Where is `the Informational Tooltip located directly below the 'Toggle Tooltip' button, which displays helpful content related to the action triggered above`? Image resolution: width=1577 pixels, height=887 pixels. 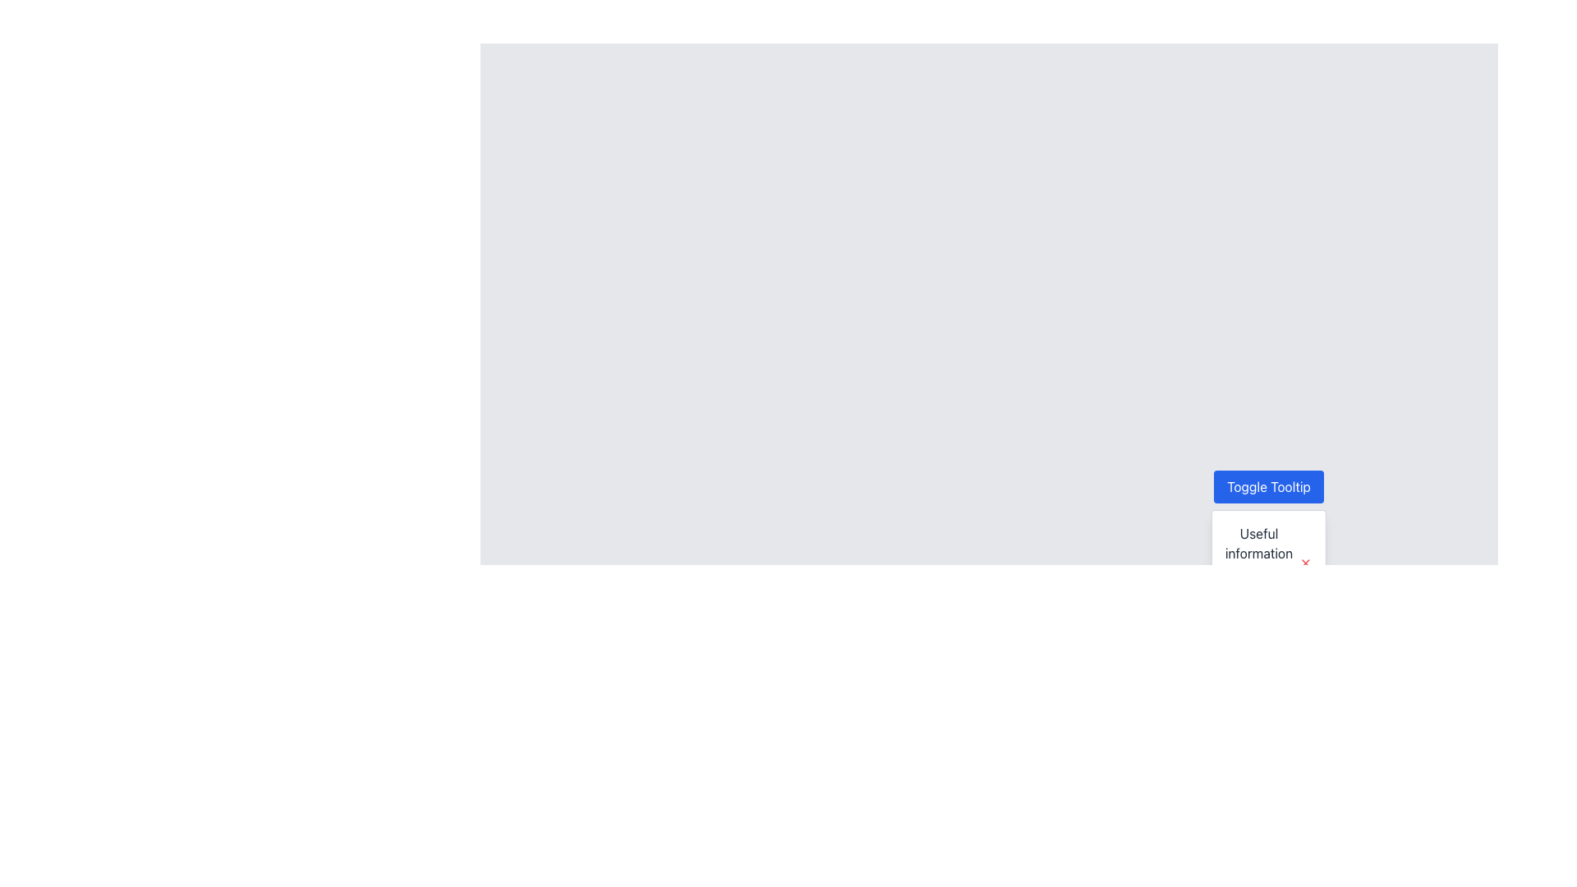
the Informational Tooltip located directly below the 'Toggle Tooltip' button, which displays helpful content related to the action triggered above is located at coordinates (1268, 563).